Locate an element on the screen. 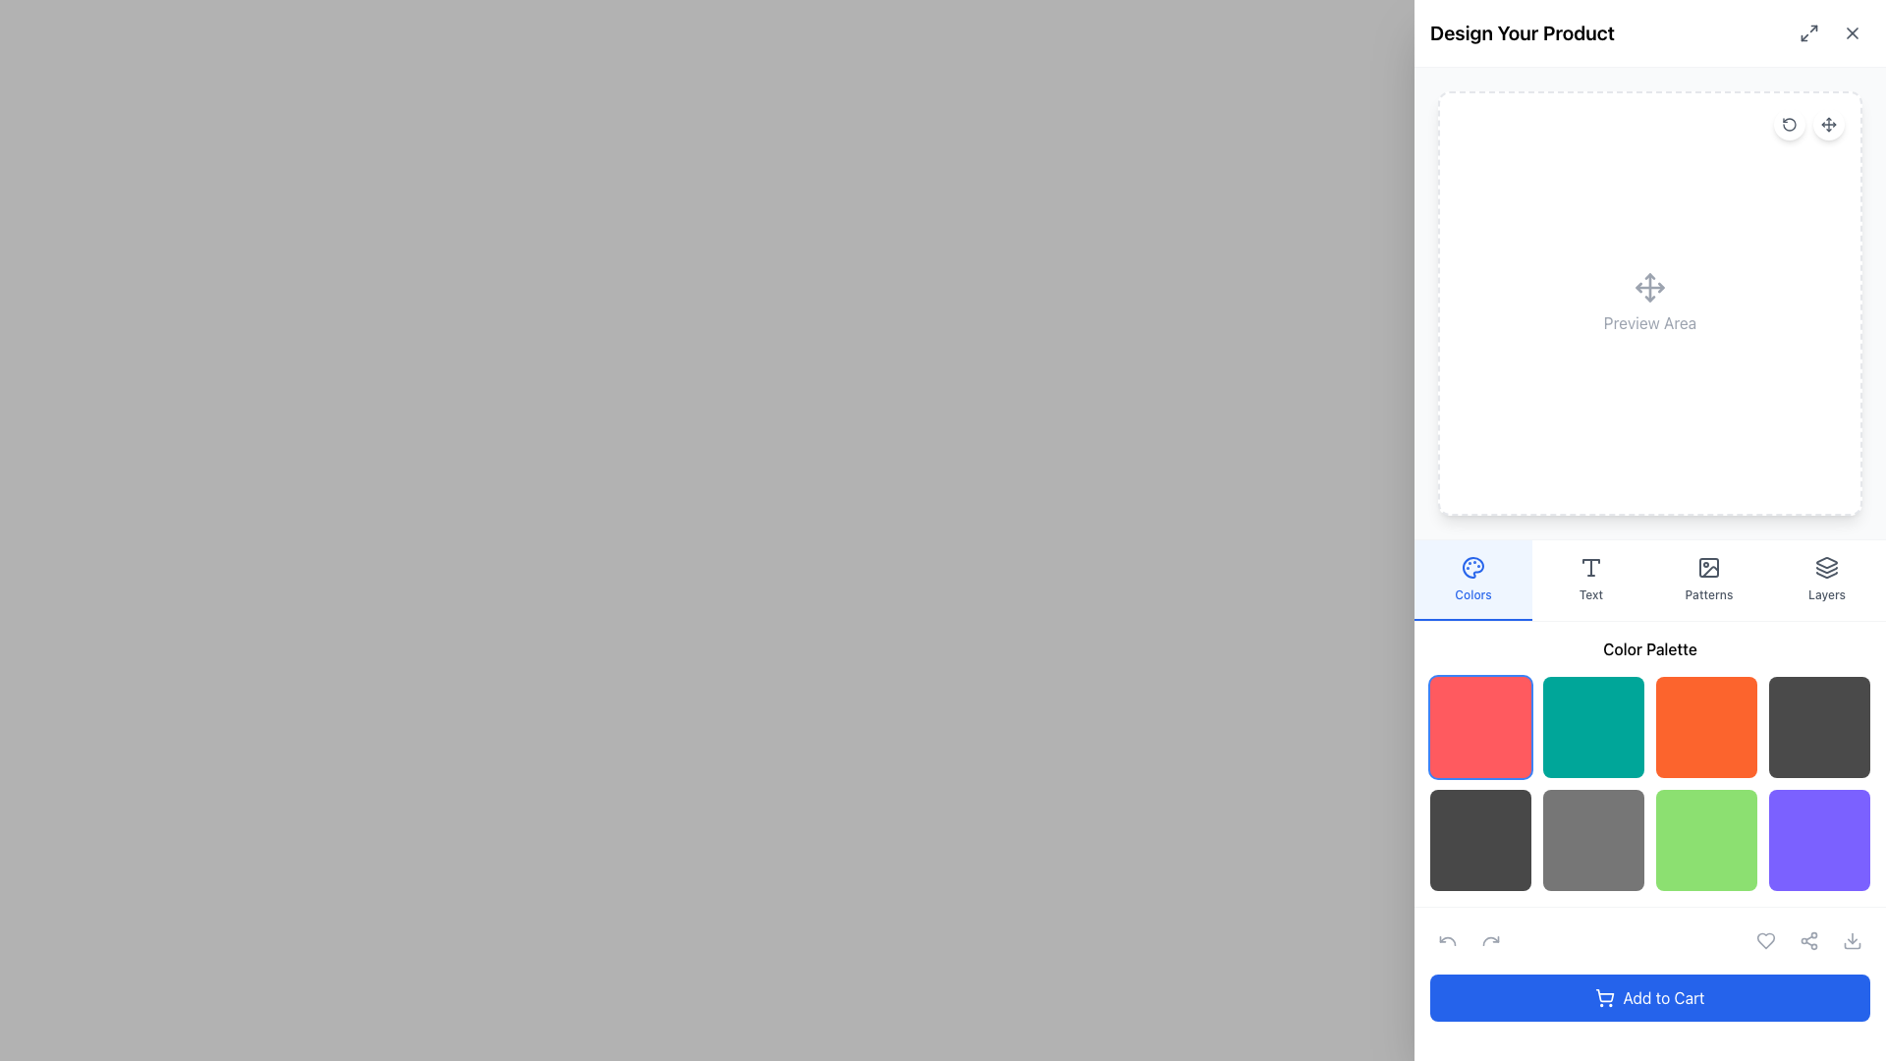  the 'Preview Area' text label, which is displayed in light gray and is centrally positioned below a draggable icon within the design preview section on the right-hand side of the interface is located at coordinates (1650, 321).